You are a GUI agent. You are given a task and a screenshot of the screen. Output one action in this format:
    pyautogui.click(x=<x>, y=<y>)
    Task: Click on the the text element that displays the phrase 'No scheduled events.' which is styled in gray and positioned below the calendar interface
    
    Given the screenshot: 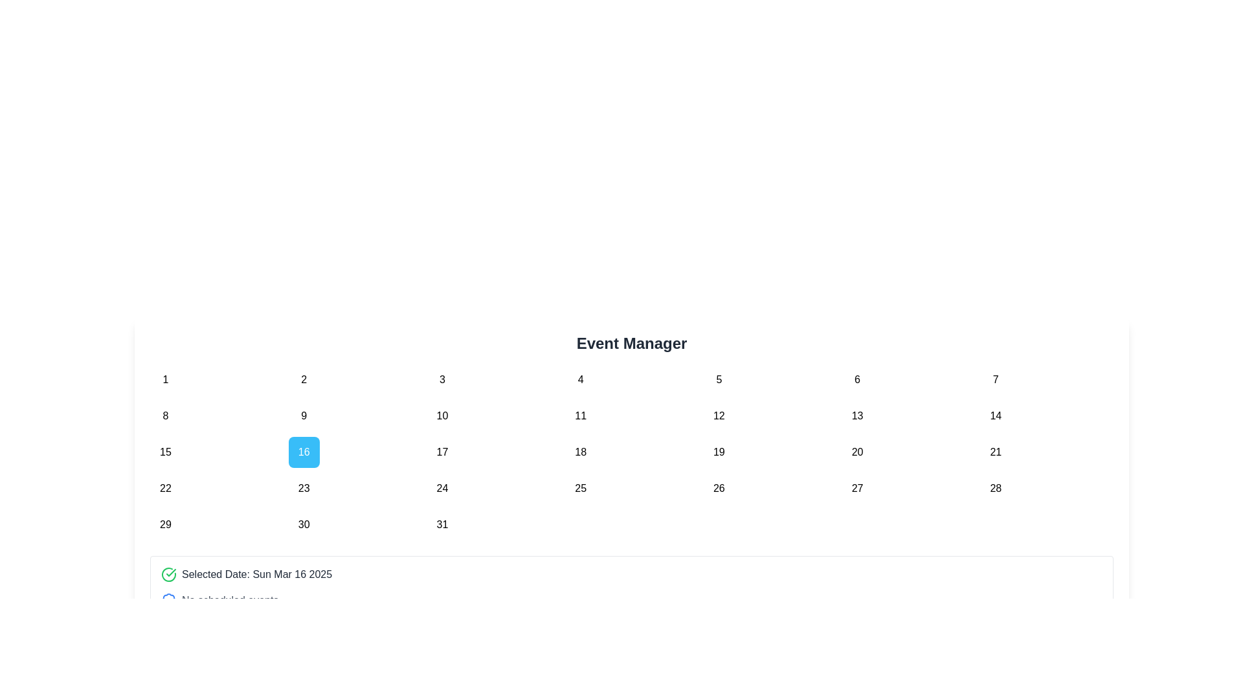 What is the action you would take?
    pyautogui.click(x=231, y=601)
    